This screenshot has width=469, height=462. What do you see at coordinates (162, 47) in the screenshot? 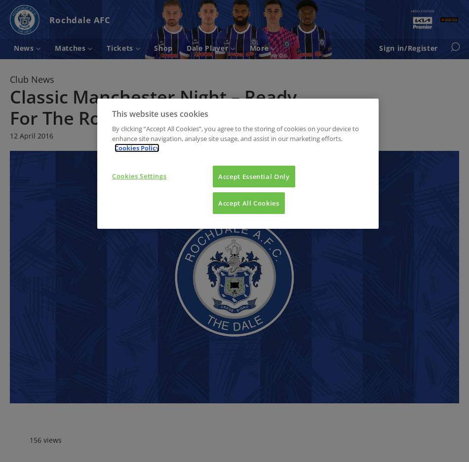
I see `'Shop'` at bounding box center [162, 47].